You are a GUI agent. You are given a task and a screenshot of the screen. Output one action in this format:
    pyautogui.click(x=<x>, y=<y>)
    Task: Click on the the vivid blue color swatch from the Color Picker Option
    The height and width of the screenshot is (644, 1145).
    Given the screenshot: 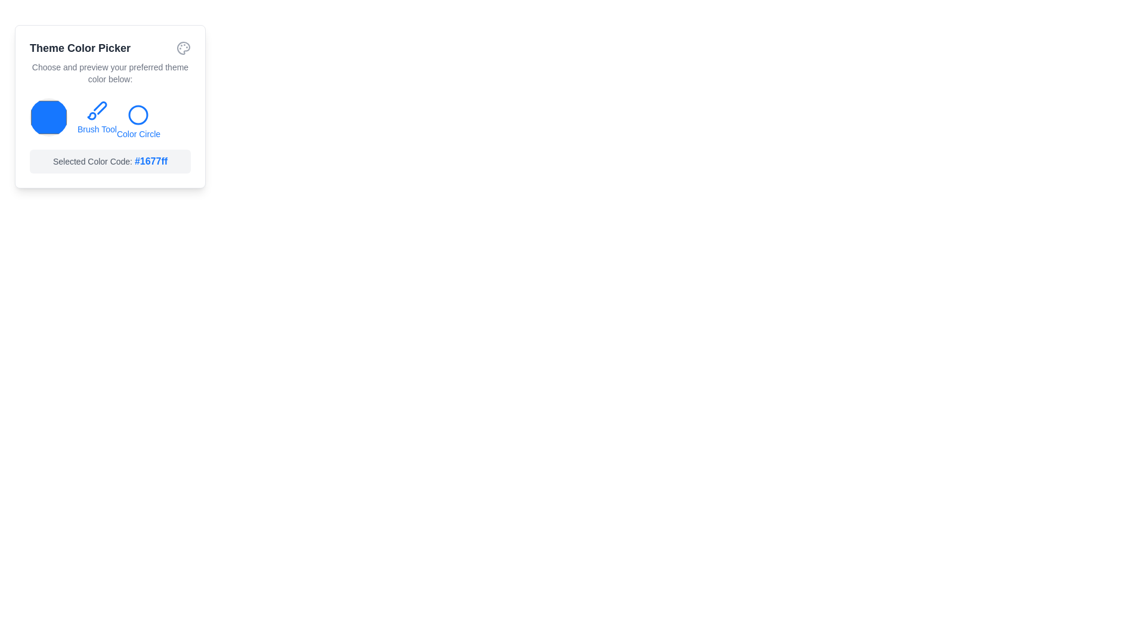 What is the action you would take?
    pyautogui.click(x=48, y=117)
    